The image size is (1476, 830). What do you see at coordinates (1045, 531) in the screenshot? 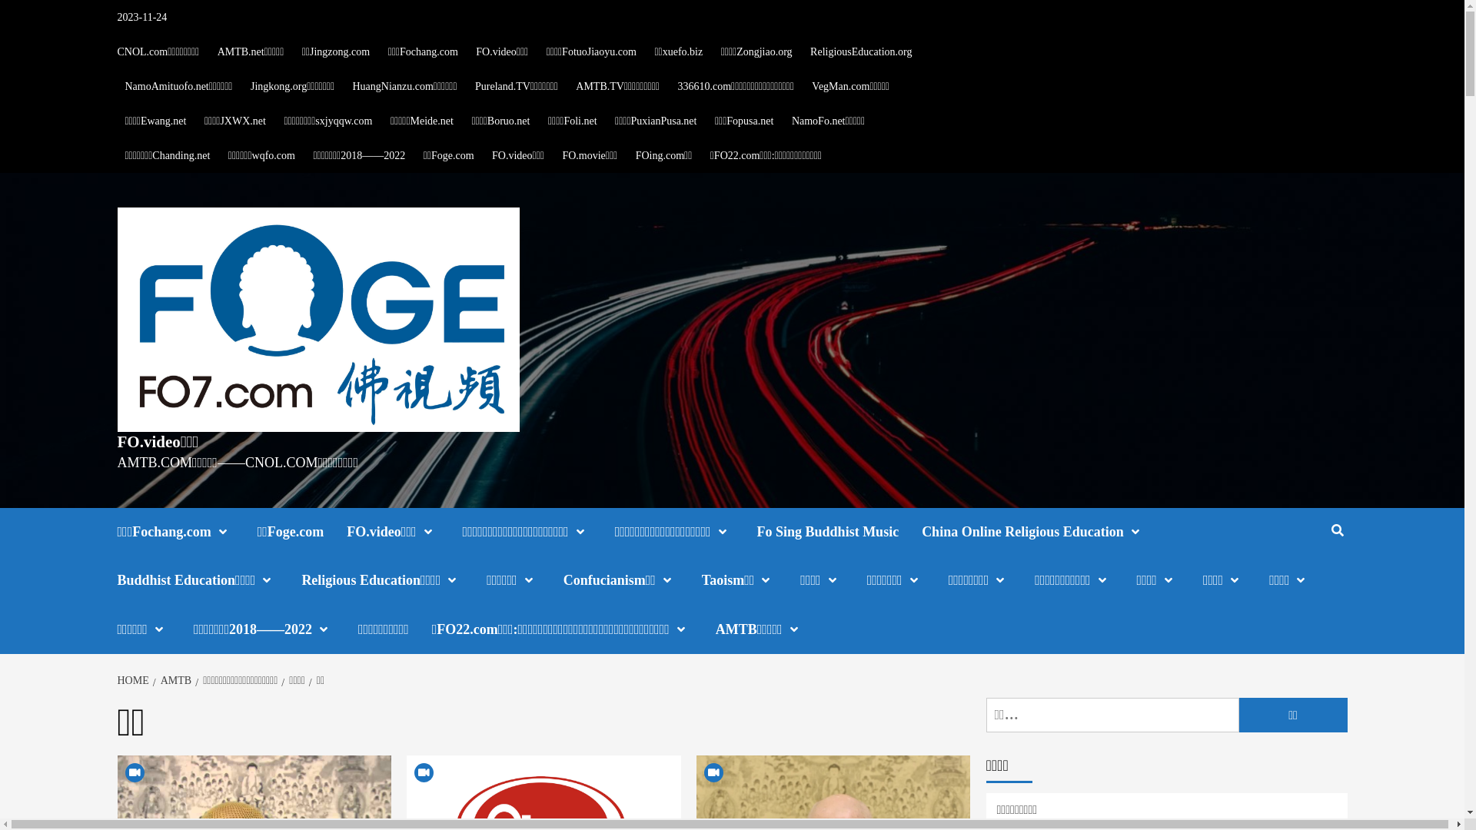
I see `'China Online Religious Education'` at bounding box center [1045, 531].